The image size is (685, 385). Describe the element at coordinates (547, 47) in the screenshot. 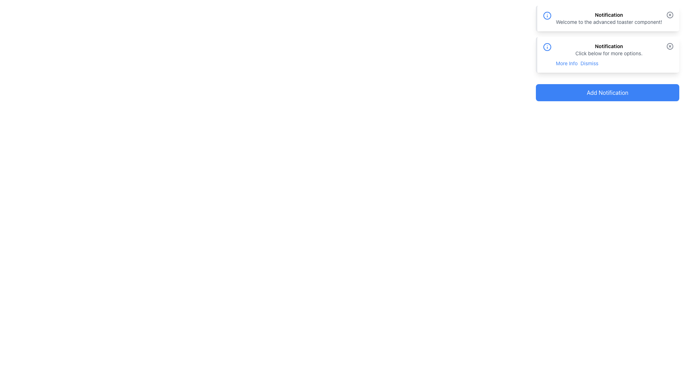

I see `the informational status icon located within the notification card, adjacent to the notification's title text` at that location.